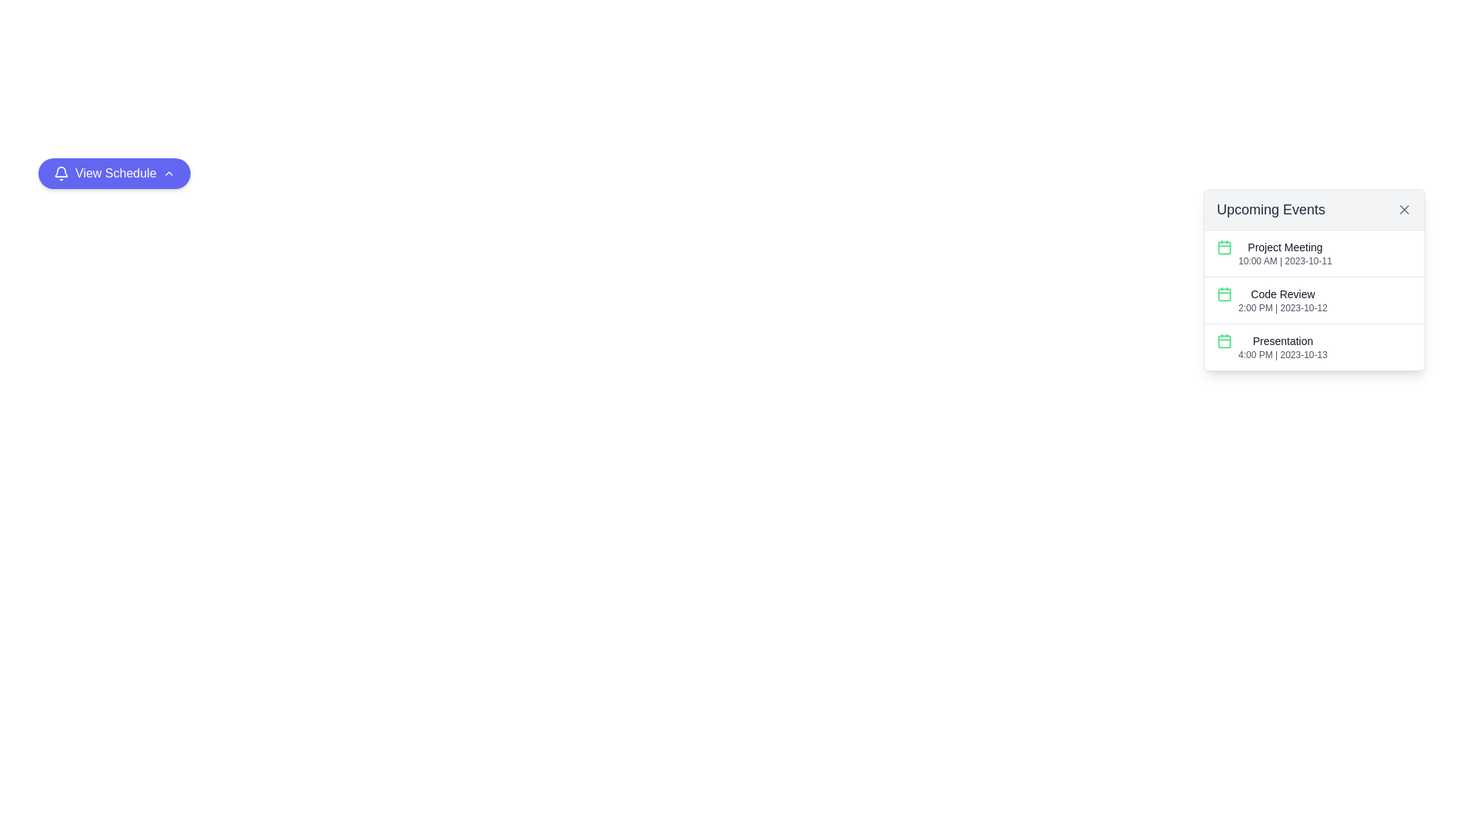  What do you see at coordinates (1285, 246) in the screenshot?
I see `the text display element that shows the title 'Project Meeting', located in the top-right section of the interface within the 'Upcoming Events' card` at bounding box center [1285, 246].